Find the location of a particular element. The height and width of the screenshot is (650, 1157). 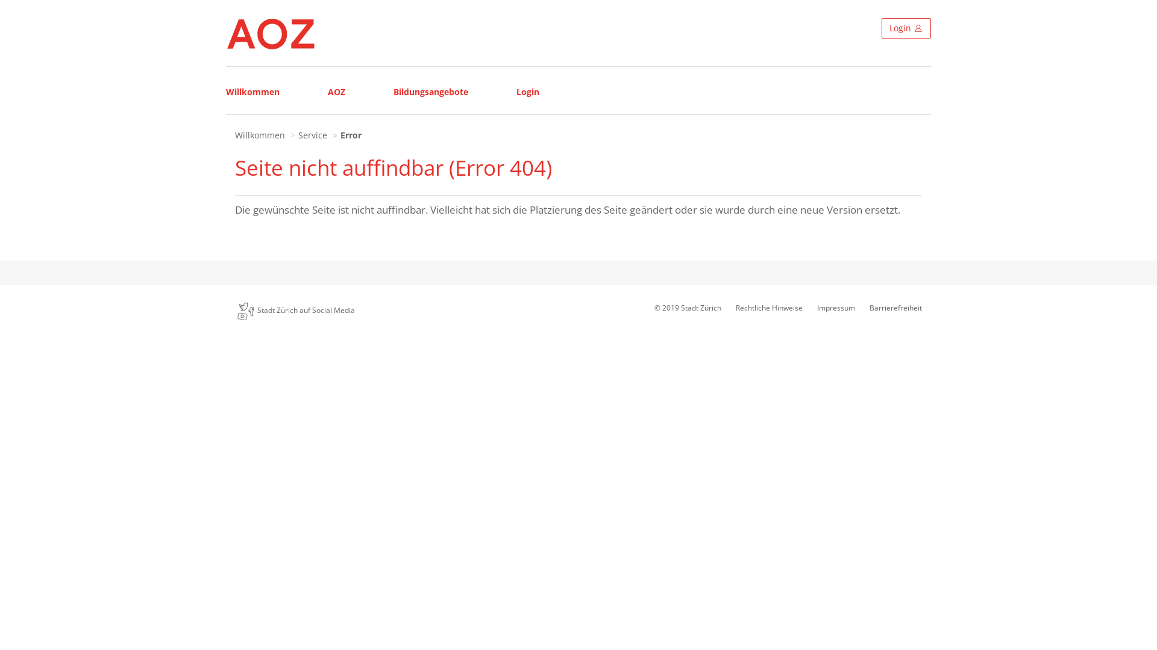

'Login' is located at coordinates (906, 27).